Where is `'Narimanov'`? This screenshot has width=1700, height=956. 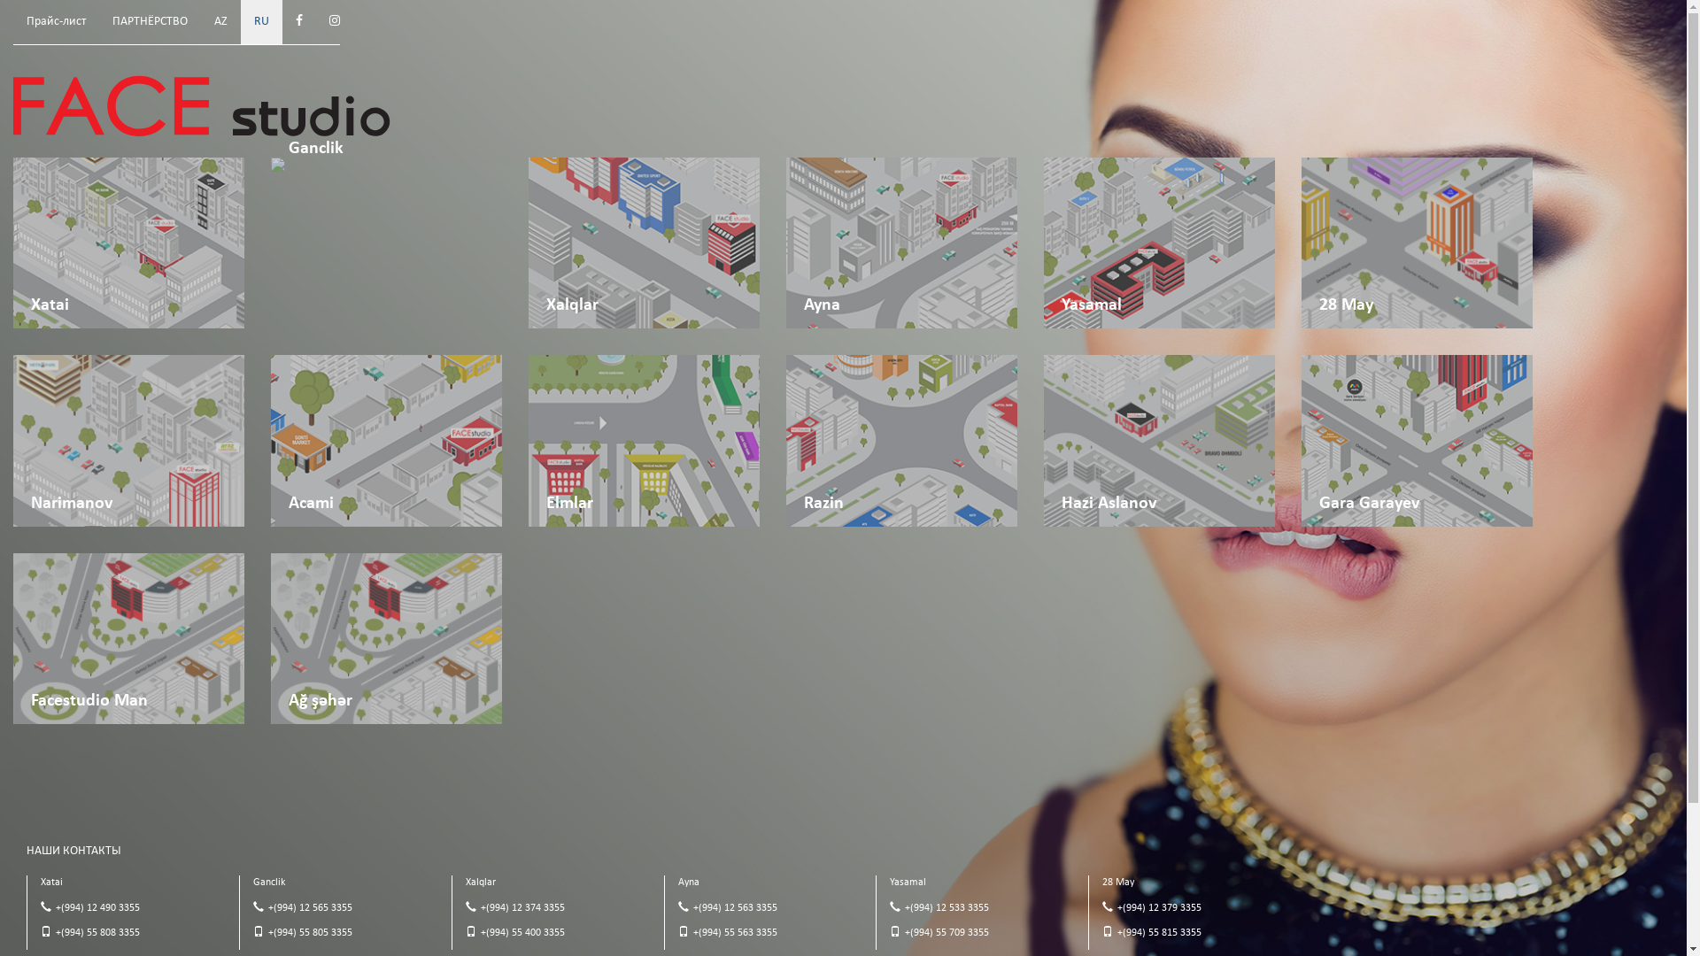
'Narimanov' is located at coordinates (127, 439).